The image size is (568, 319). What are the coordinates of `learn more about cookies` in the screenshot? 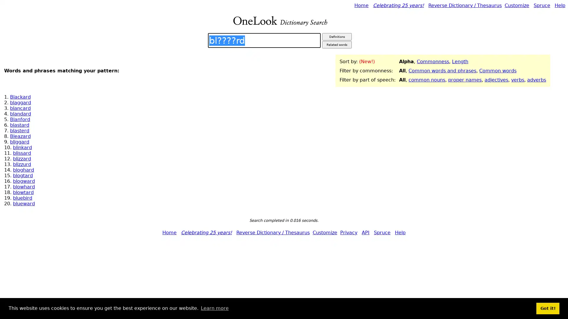 It's located at (214, 308).